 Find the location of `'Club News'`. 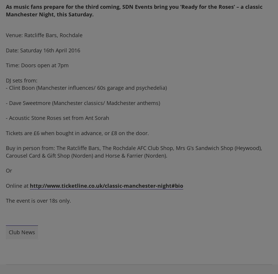

'Club News' is located at coordinates (9, 232).